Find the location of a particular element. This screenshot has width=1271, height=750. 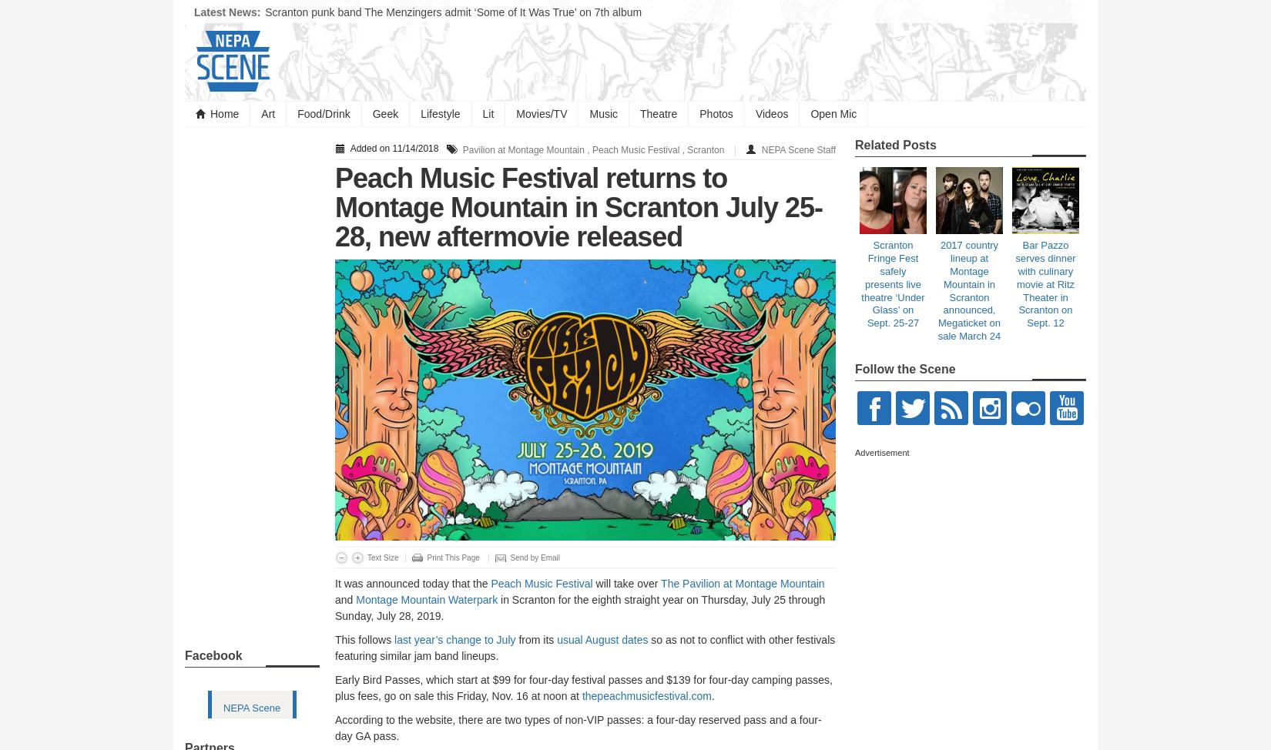

'Peach Music Festival returns to Montage Mountain in Scranton July 25-28, new aftermovie released' is located at coordinates (578, 206).